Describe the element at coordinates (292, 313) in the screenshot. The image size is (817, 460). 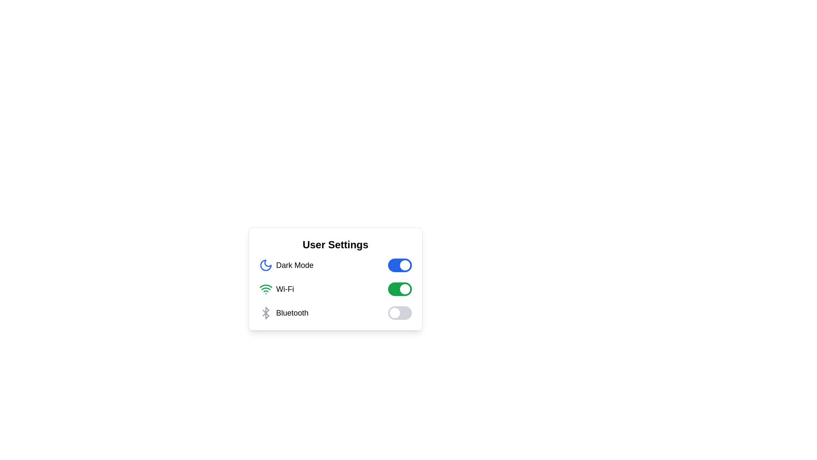
I see `the 'Bluetooth' text label, which is displayed in bold, medium-sized sans-serif font, located in the third row of the 'User Settings' panel, between the Bluetooth icon and the toggle switch` at that location.